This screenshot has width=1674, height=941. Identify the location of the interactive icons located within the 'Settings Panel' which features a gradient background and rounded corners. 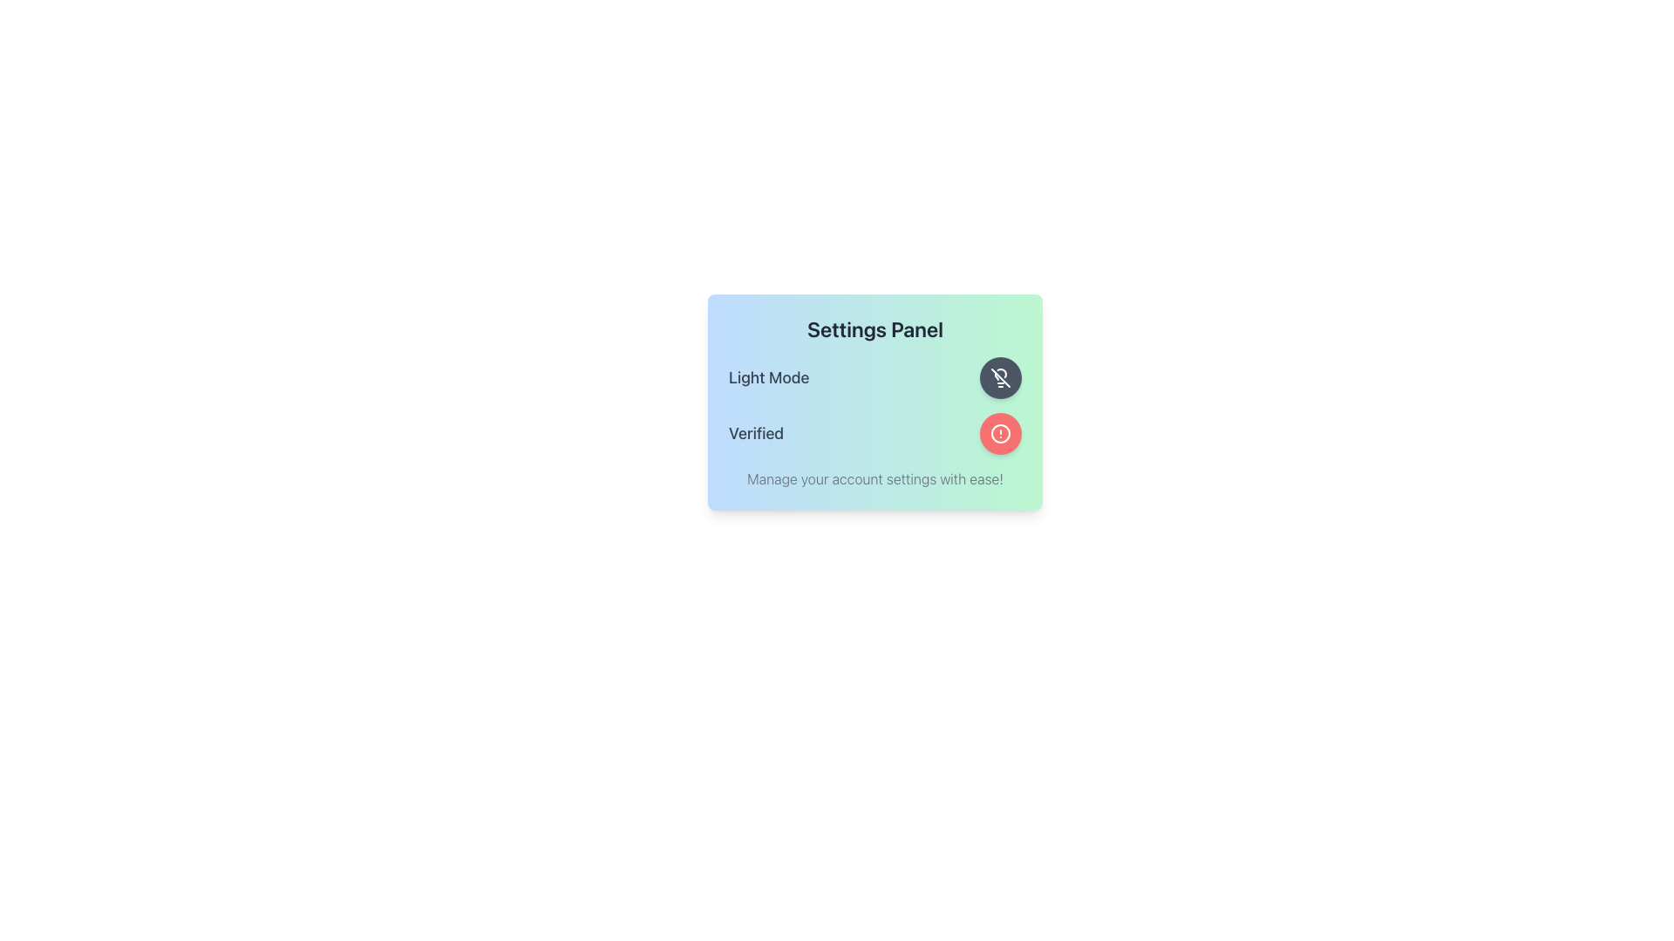
(874, 403).